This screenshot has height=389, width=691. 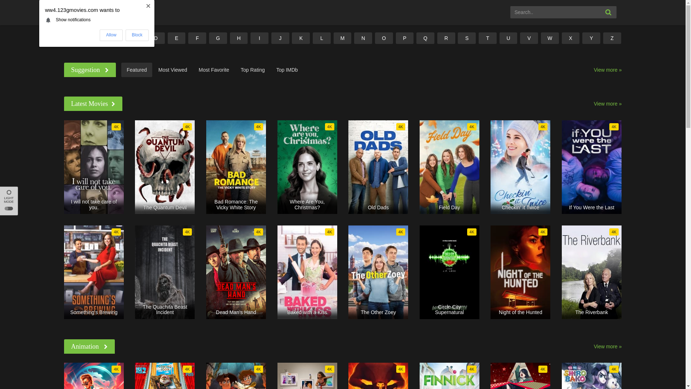 What do you see at coordinates (64, 12) in the screenshot?
I see `'123GMovies'` at bounding box center [64, 12].